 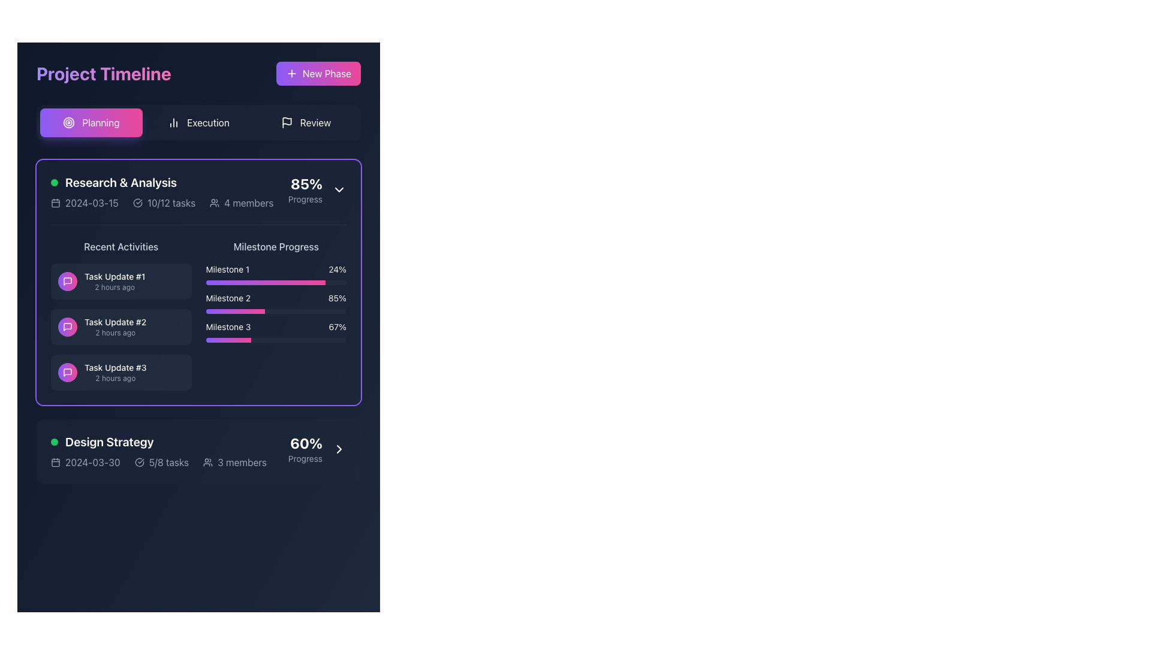 I want to click on the second card styled notification labeled 'Task Update #2' in the 'Recent Activities' section, so click(x=121, y=327).